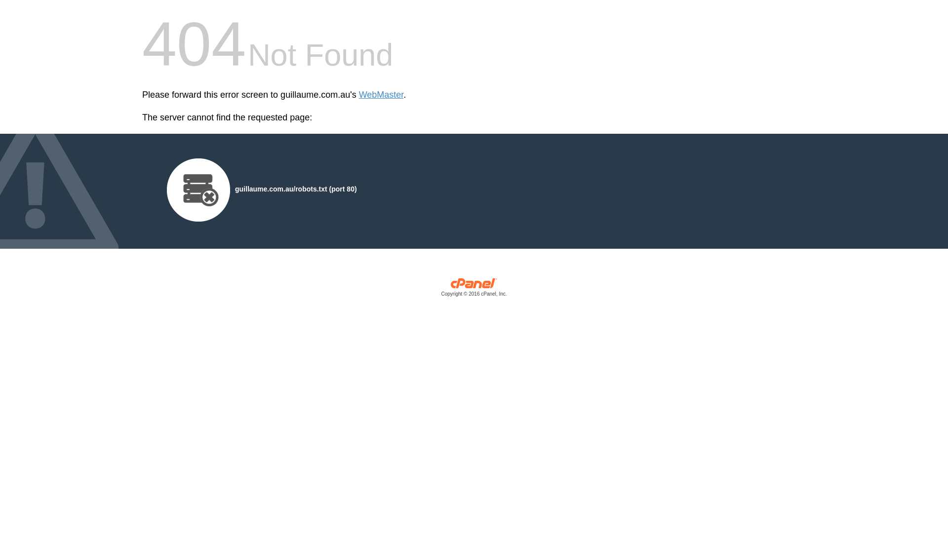  Describe the element at coordinates (381, 95) in the screenshot. I see `'WebMaster'` at that location.